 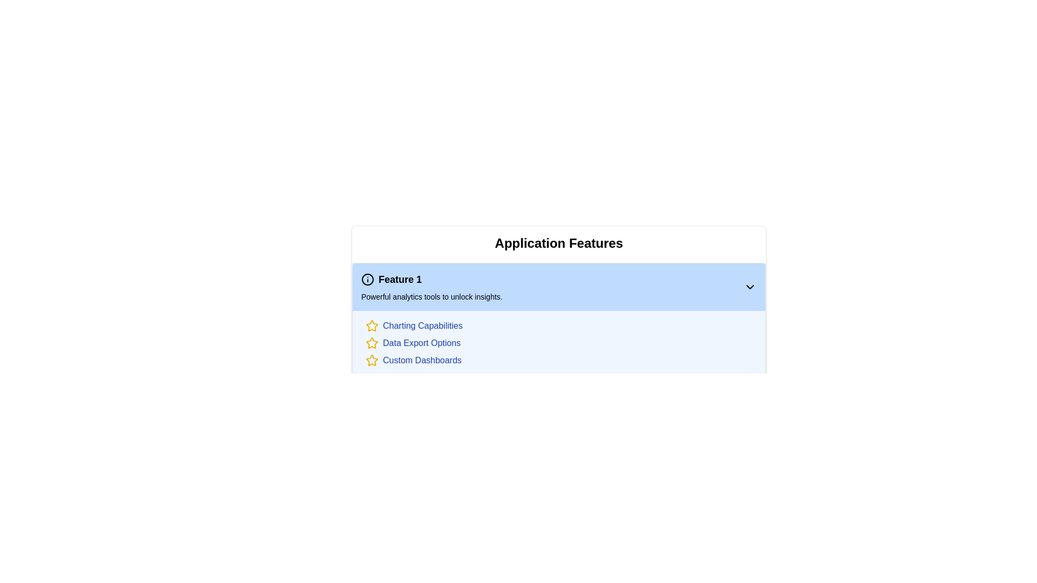 What do you see at coordinates (559, 287) in the screenshot?
I see `the Interactive card for 'Feature 1'` at bounding box center [559, 287].